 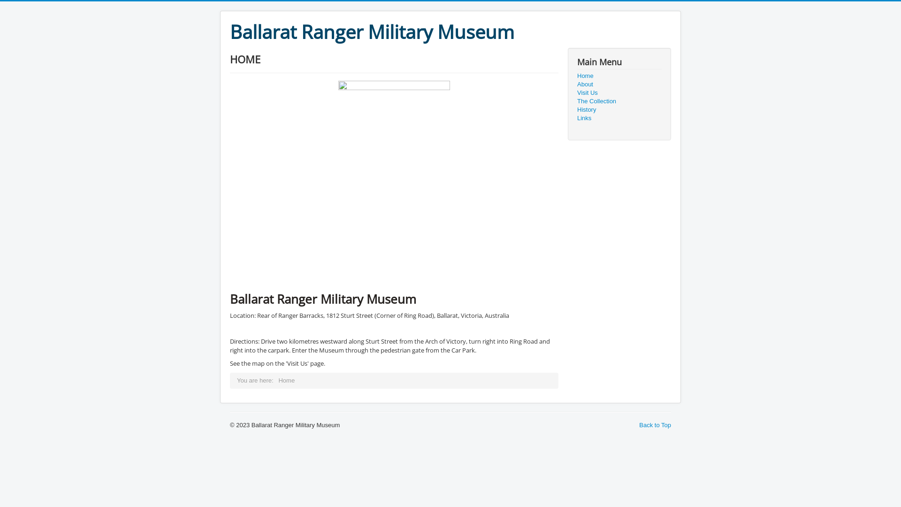 I want to click on 'Back to Top', so click(x=655, y=425).